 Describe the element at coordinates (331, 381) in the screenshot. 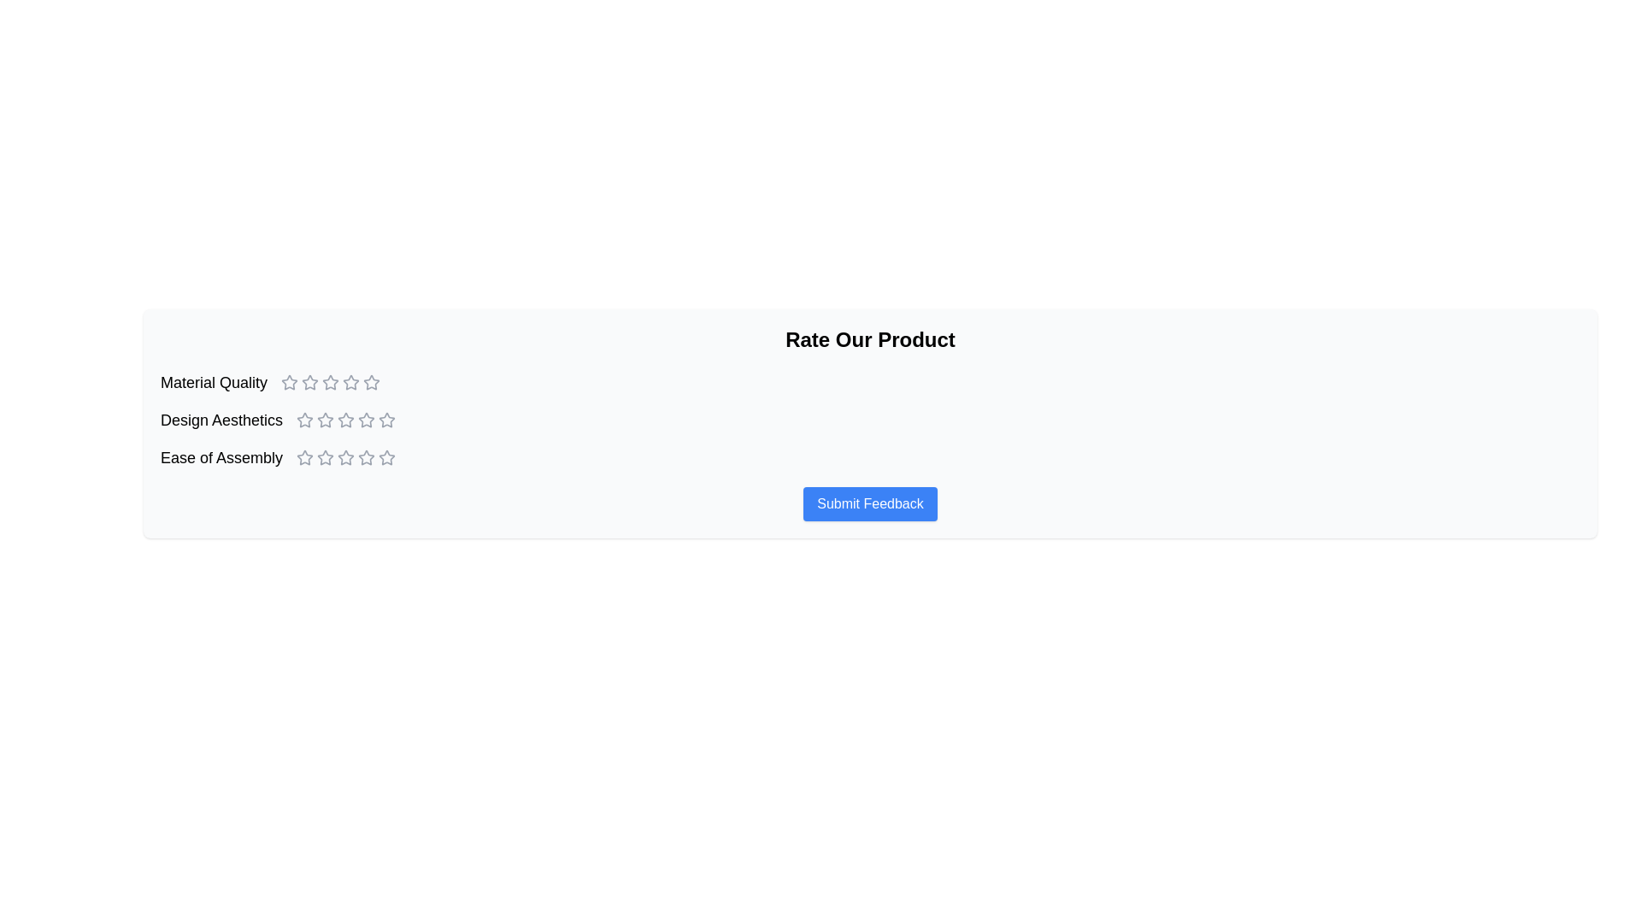

I see `the second star icon` at that location.